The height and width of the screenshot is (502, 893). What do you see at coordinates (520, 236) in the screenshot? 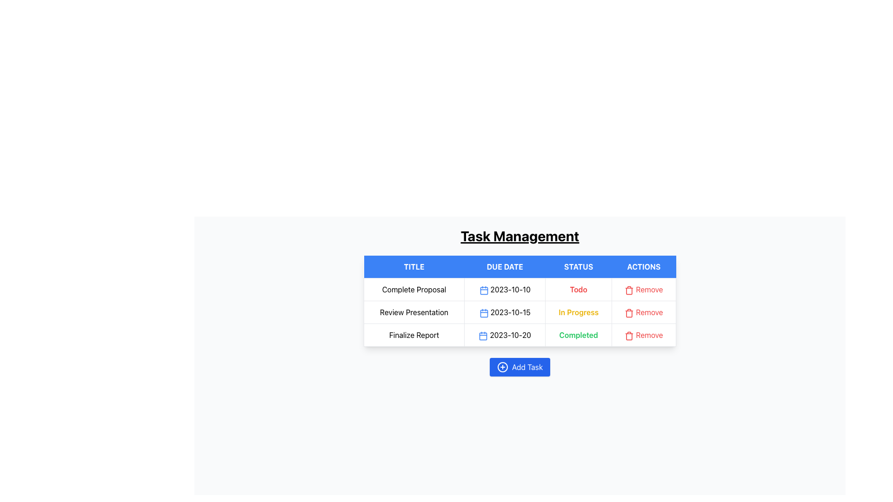
I see `the text label displaying 'Task Management', which is styled in a large and bold font with an underline, centrally aligned above the task table` at bounding box center [520, 236].